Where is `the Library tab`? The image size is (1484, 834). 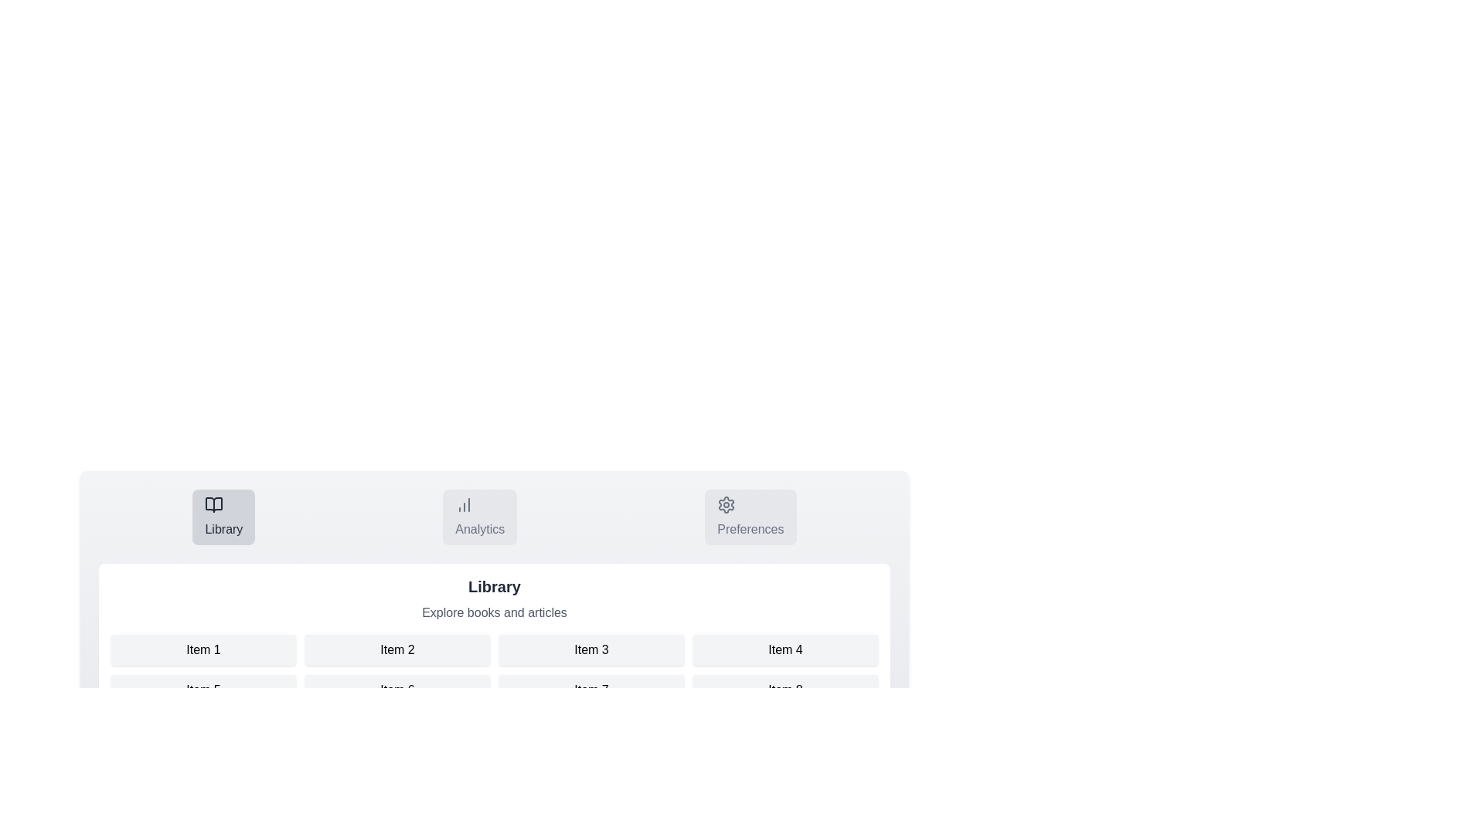
the Library tab is located at coordinates (223, 517).